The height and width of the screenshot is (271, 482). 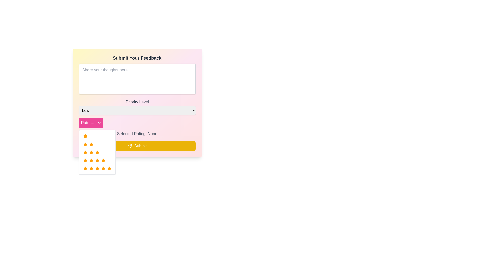 I want to click on the text label that serves as the header for the feedback submission form, positioned at the top of the rectangular panel, so click(x=137, y=58).